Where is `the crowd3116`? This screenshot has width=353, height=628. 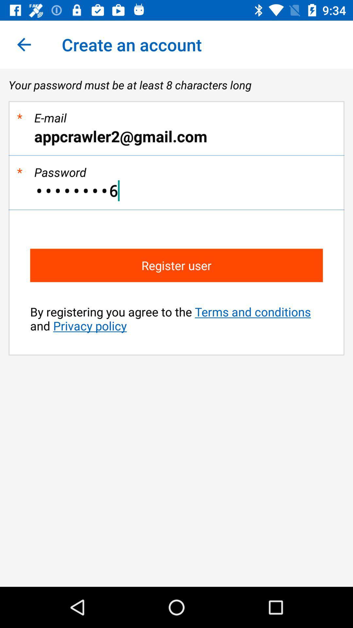
the crowd3116 is located at coordinates (176, 190).